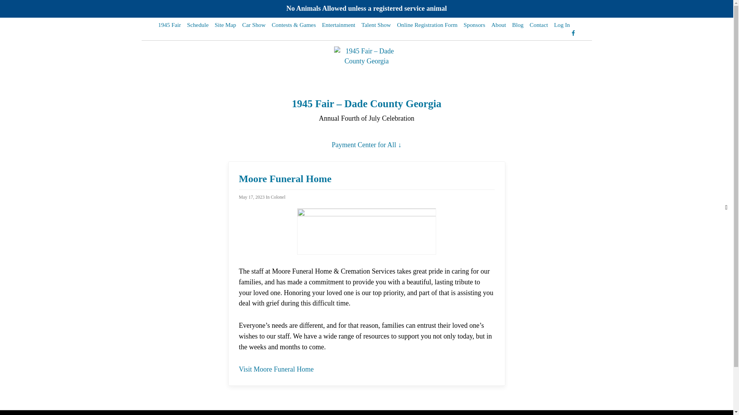 The width and height of the screenshot is (739, 415). Describe the element at coordinates (197, 24) in the screenshot. I see `'Schedule'` at that location.